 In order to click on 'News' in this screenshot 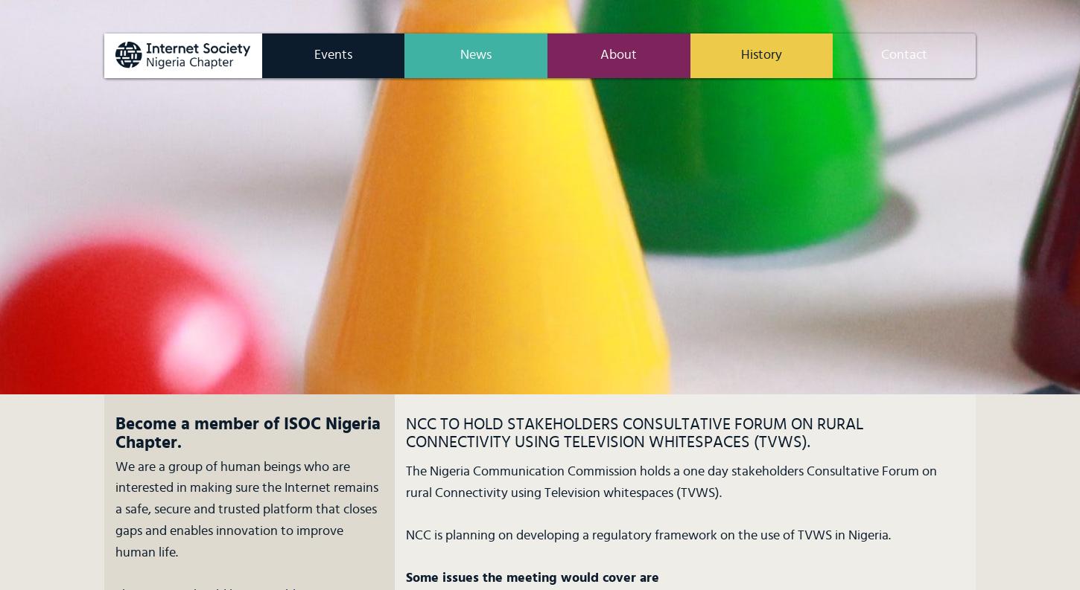, I will do `click(459, 54)`.